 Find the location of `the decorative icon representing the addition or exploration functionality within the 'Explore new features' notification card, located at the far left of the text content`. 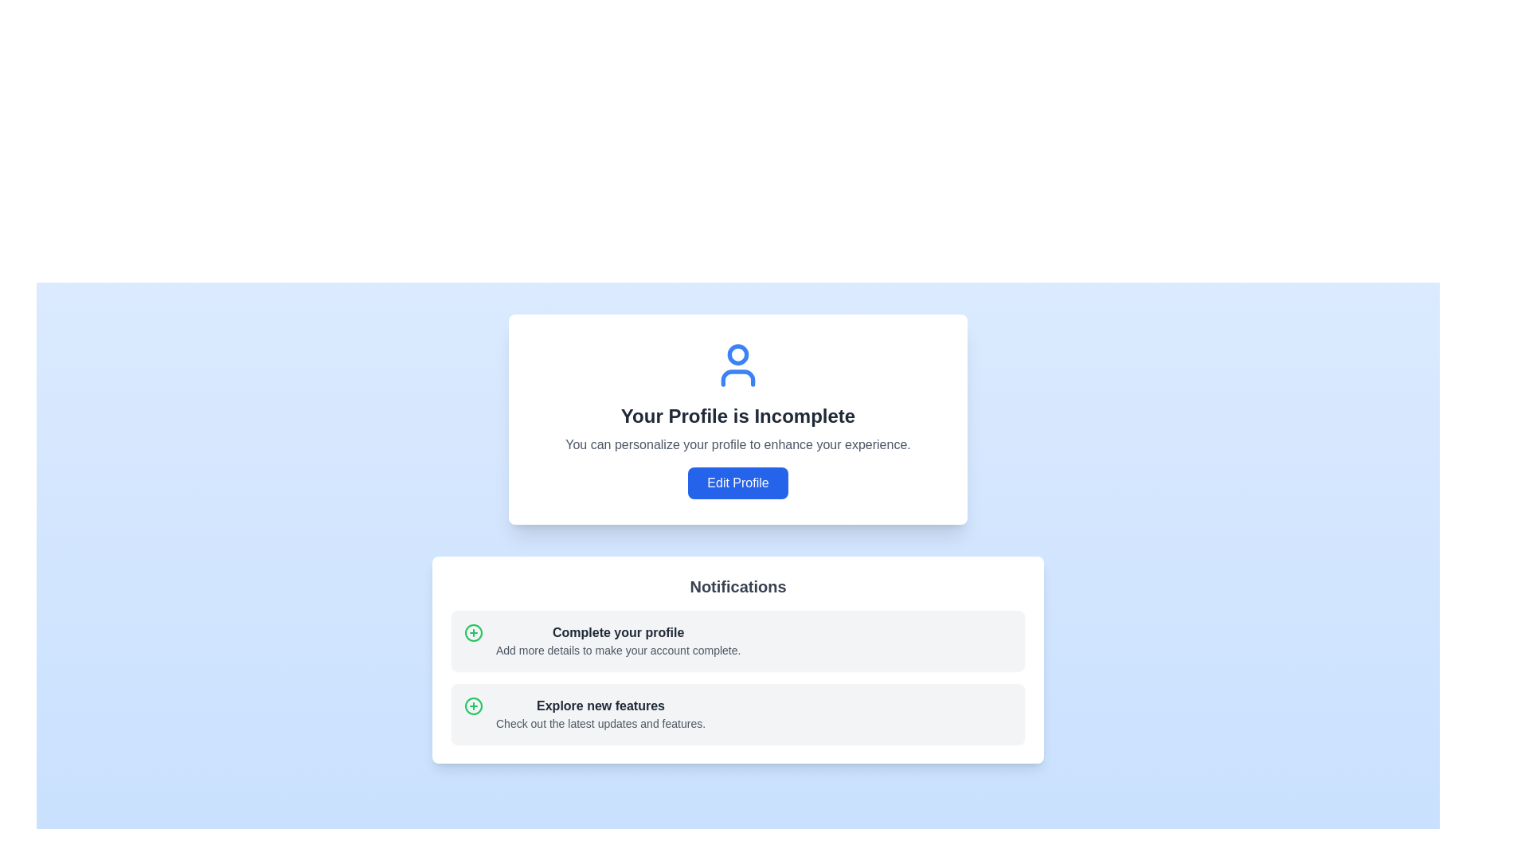

the decorative icon representing the addition or exploration functionality within the 'Explore new features' notification card, located at the far left of the text content is located at coordinates (473, 706).